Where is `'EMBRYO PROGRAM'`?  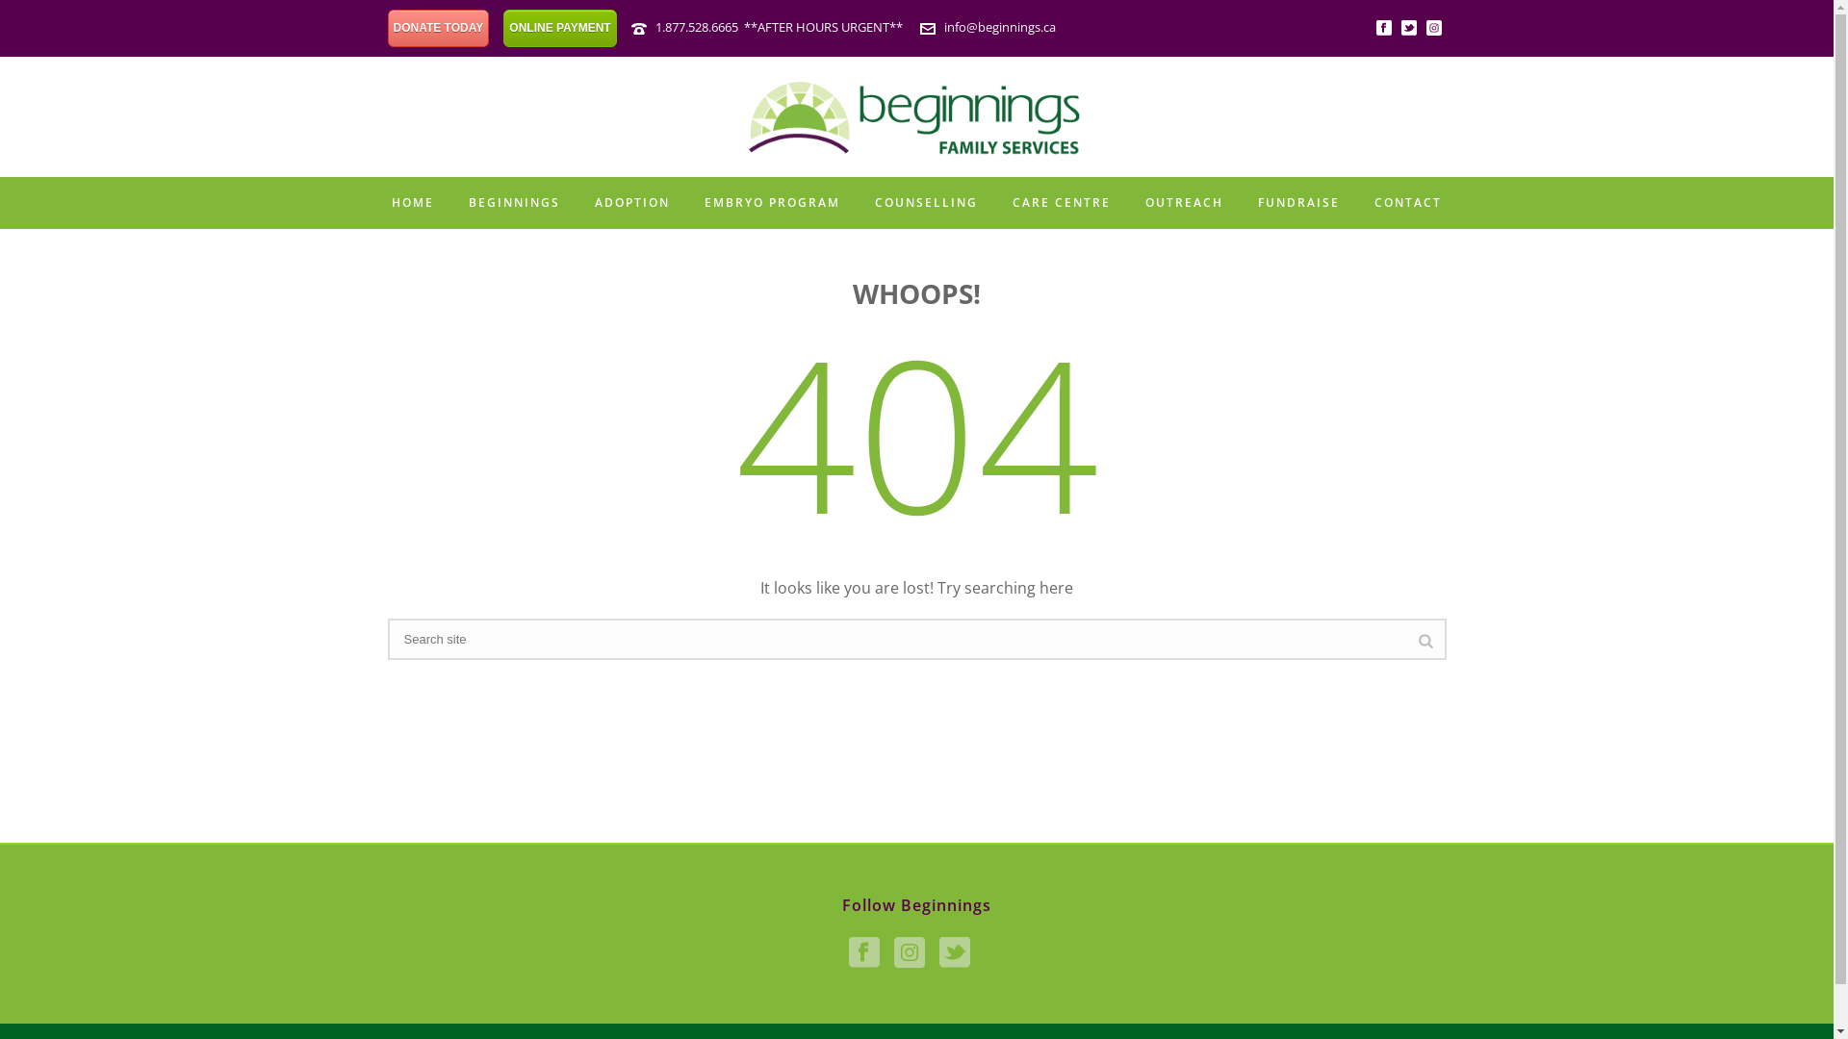 'EMBRYO PROGRAM' is located at coordinates (772, 203).